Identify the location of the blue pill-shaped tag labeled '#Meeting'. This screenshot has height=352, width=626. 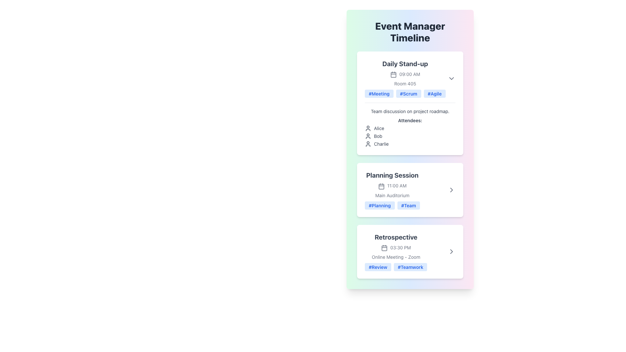
(379, 94).